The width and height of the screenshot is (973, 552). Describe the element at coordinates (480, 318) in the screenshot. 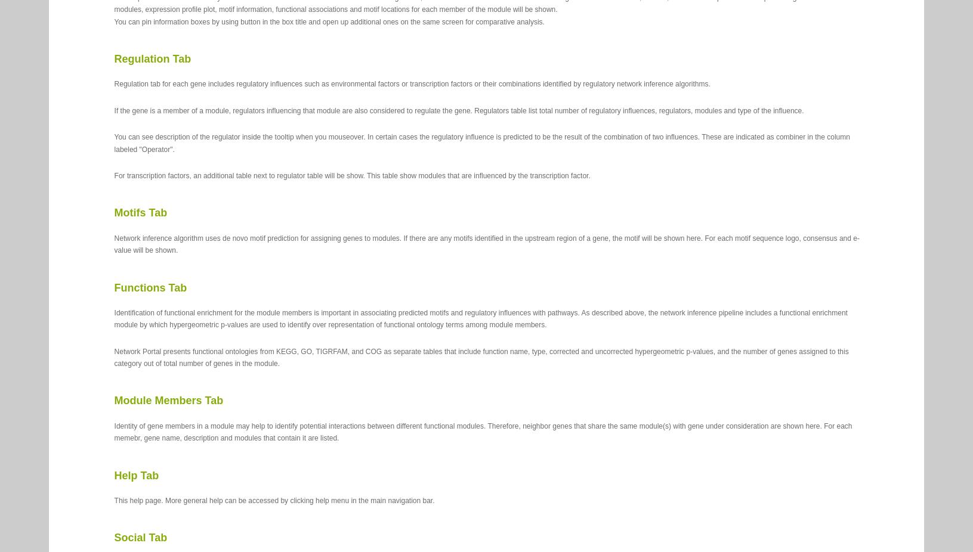

I see `'Identification of functional enrichment for the module members is important in associating predicted motifs and regulatory influences with pathways. As described above, the network inference pipeline includes a functional enrichment module by which hypergeometric p-values are used to identify over representation of functional ontology terms among module members.'` at that location.